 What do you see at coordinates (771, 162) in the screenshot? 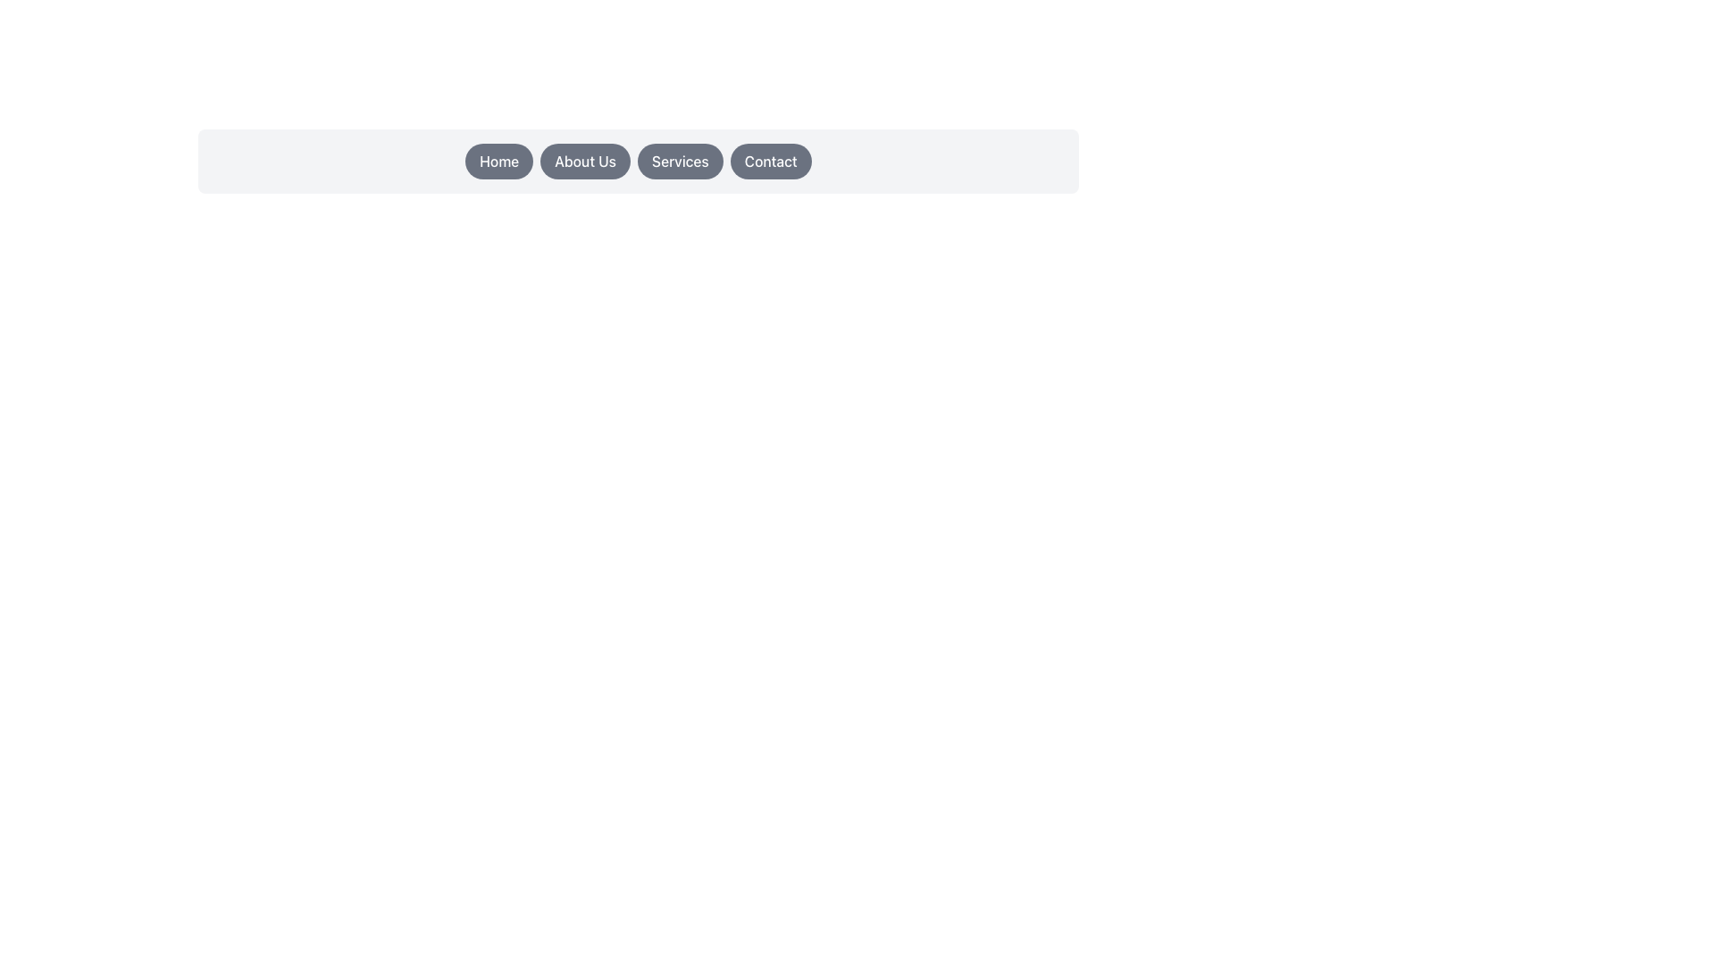
I see `the 'Contact' button located in the top-right corner of the button row` at bounding box center [771, 162].